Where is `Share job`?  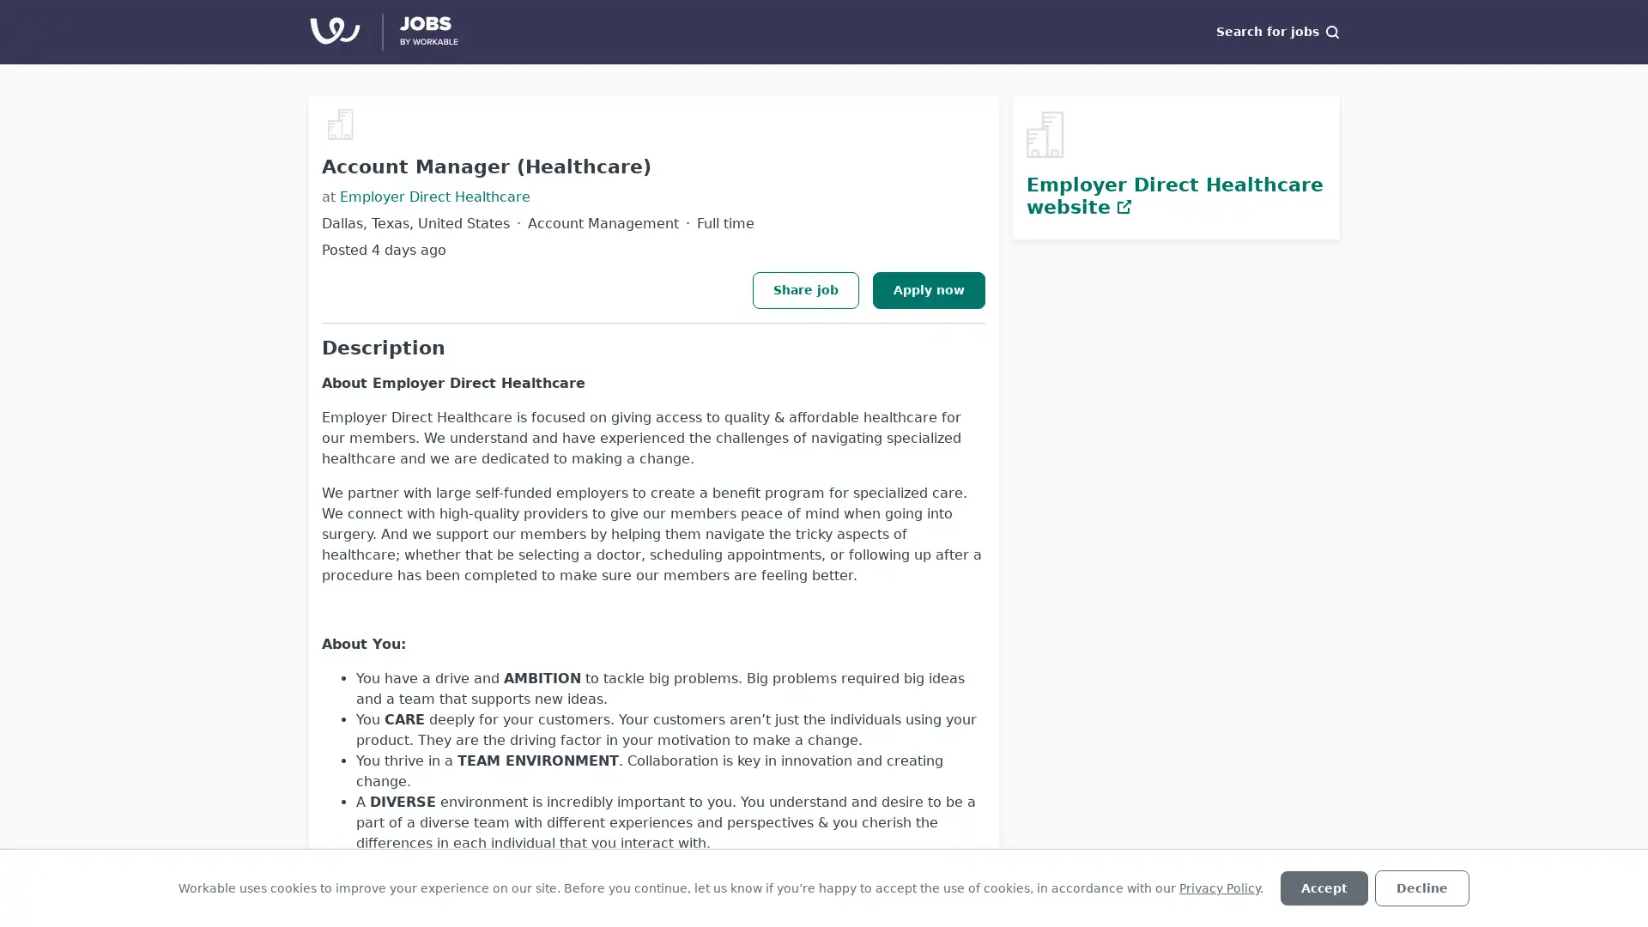 Share job is located at coordinates (805, 288).